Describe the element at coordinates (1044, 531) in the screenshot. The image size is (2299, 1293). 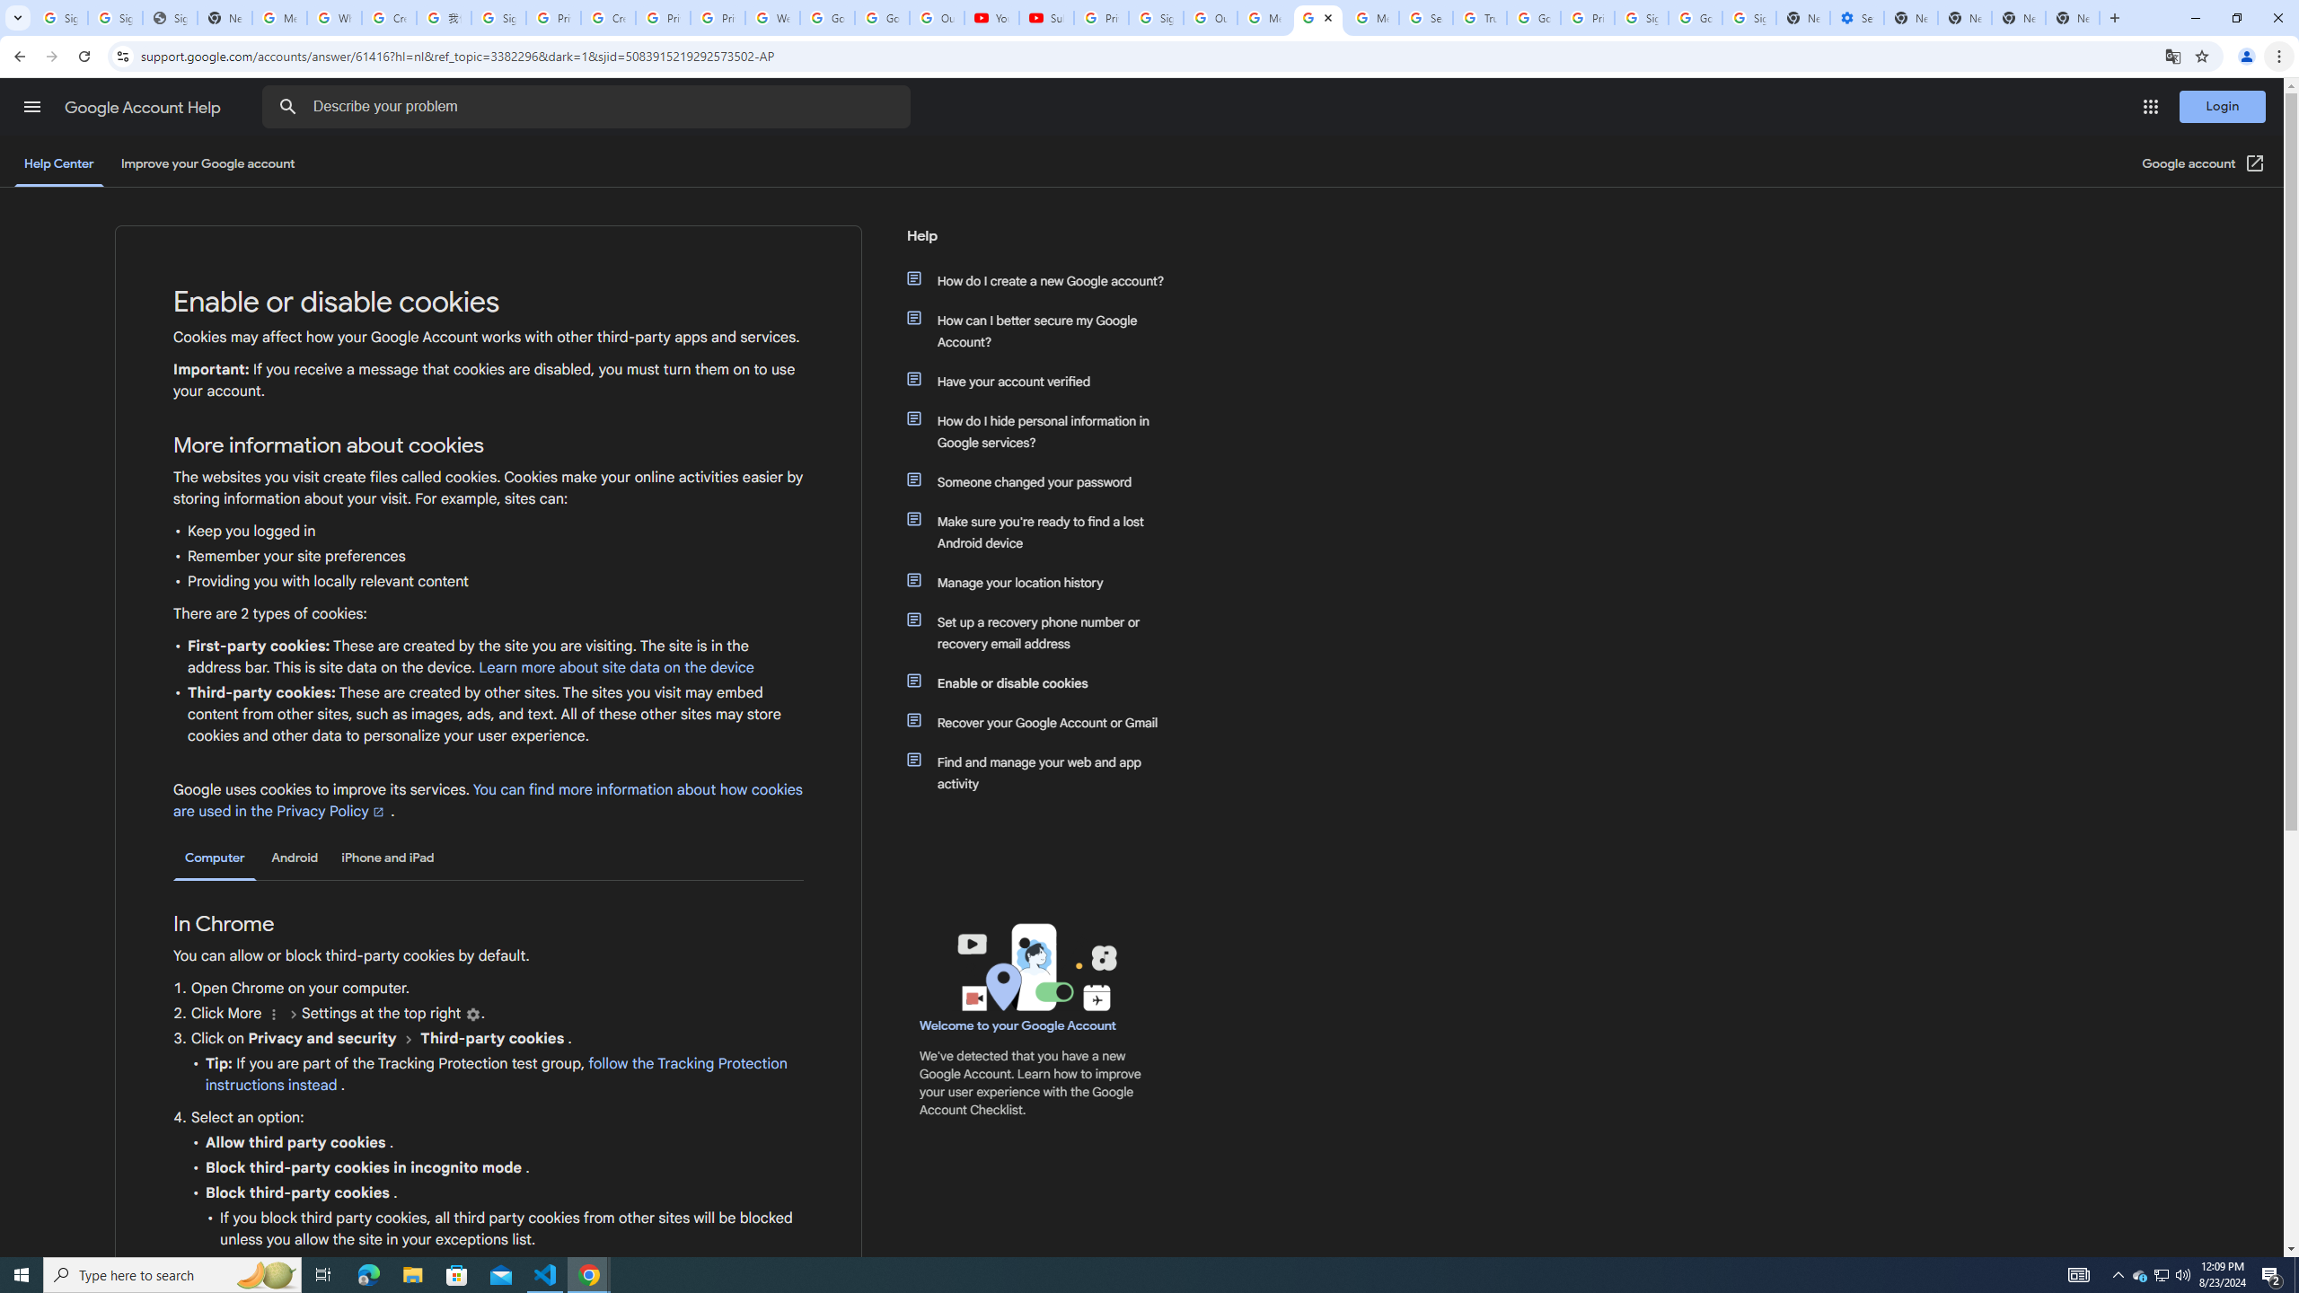
I see `'Make sure you'` at that location.